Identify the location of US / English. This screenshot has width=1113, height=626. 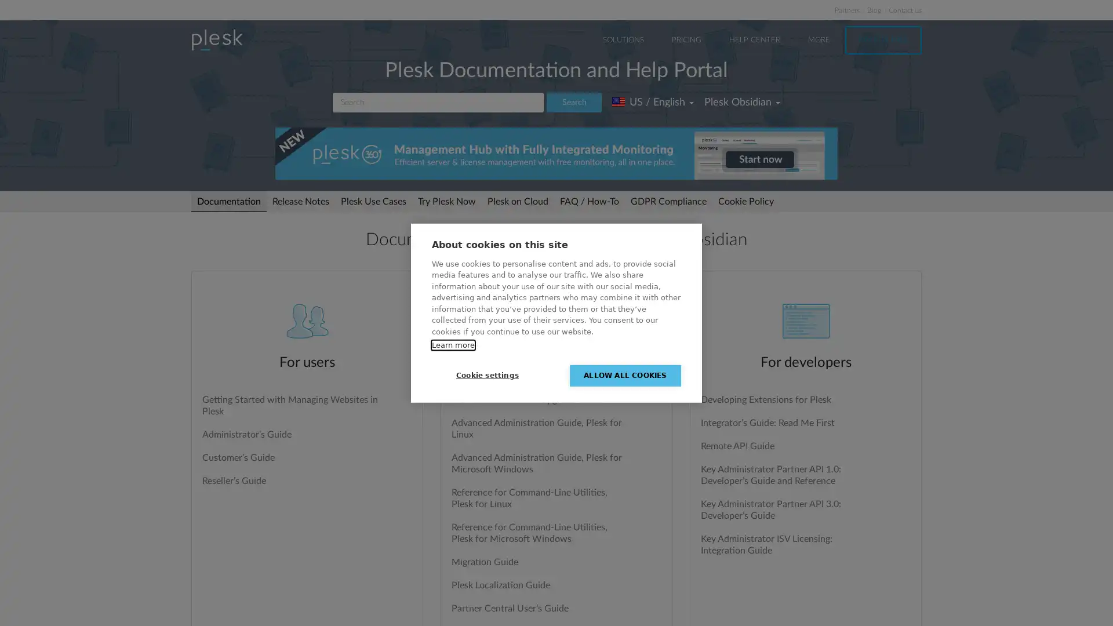
(653, 102).